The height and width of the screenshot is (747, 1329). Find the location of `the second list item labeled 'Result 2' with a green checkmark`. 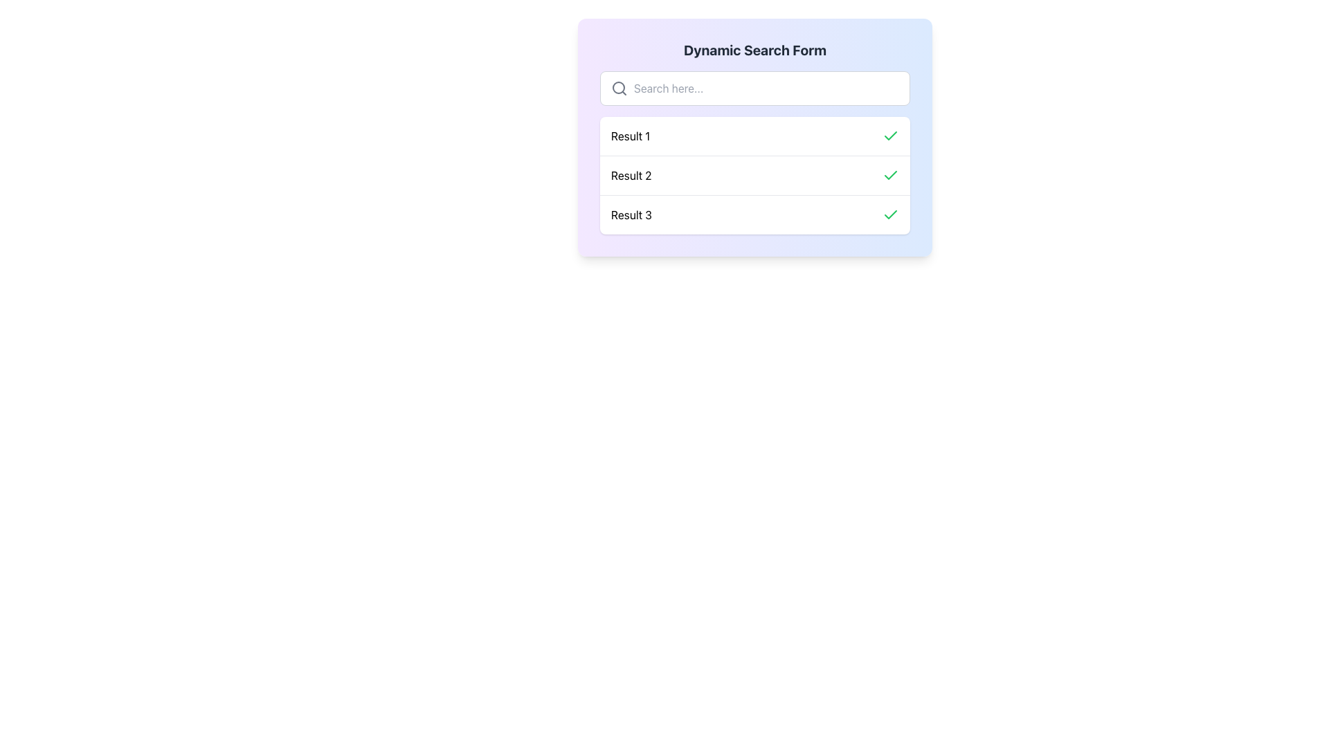

the second list item labeled 'Result 2' with a green checkmark is located at coordinates (754, 175).